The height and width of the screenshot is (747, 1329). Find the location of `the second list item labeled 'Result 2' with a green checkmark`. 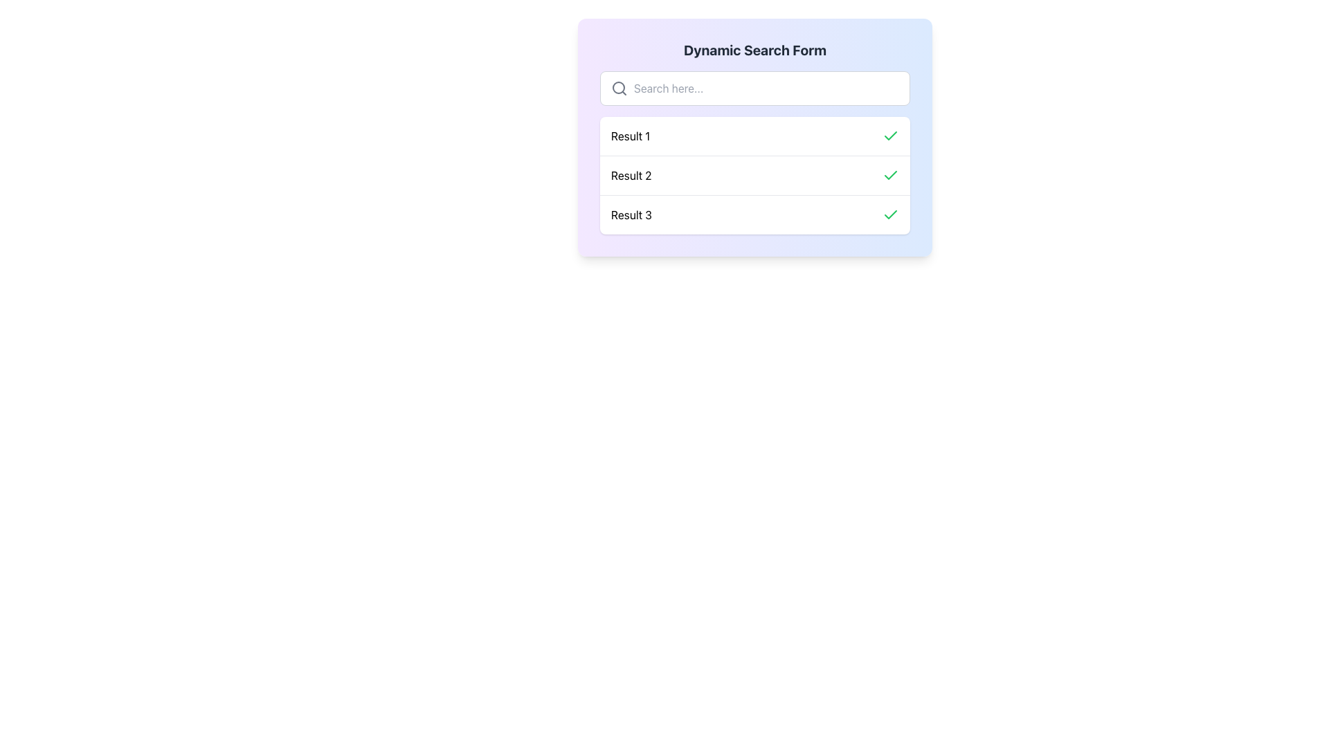

the second list item labeled 'Result 2' with a green checkmark is located at coordinates (754, 175).